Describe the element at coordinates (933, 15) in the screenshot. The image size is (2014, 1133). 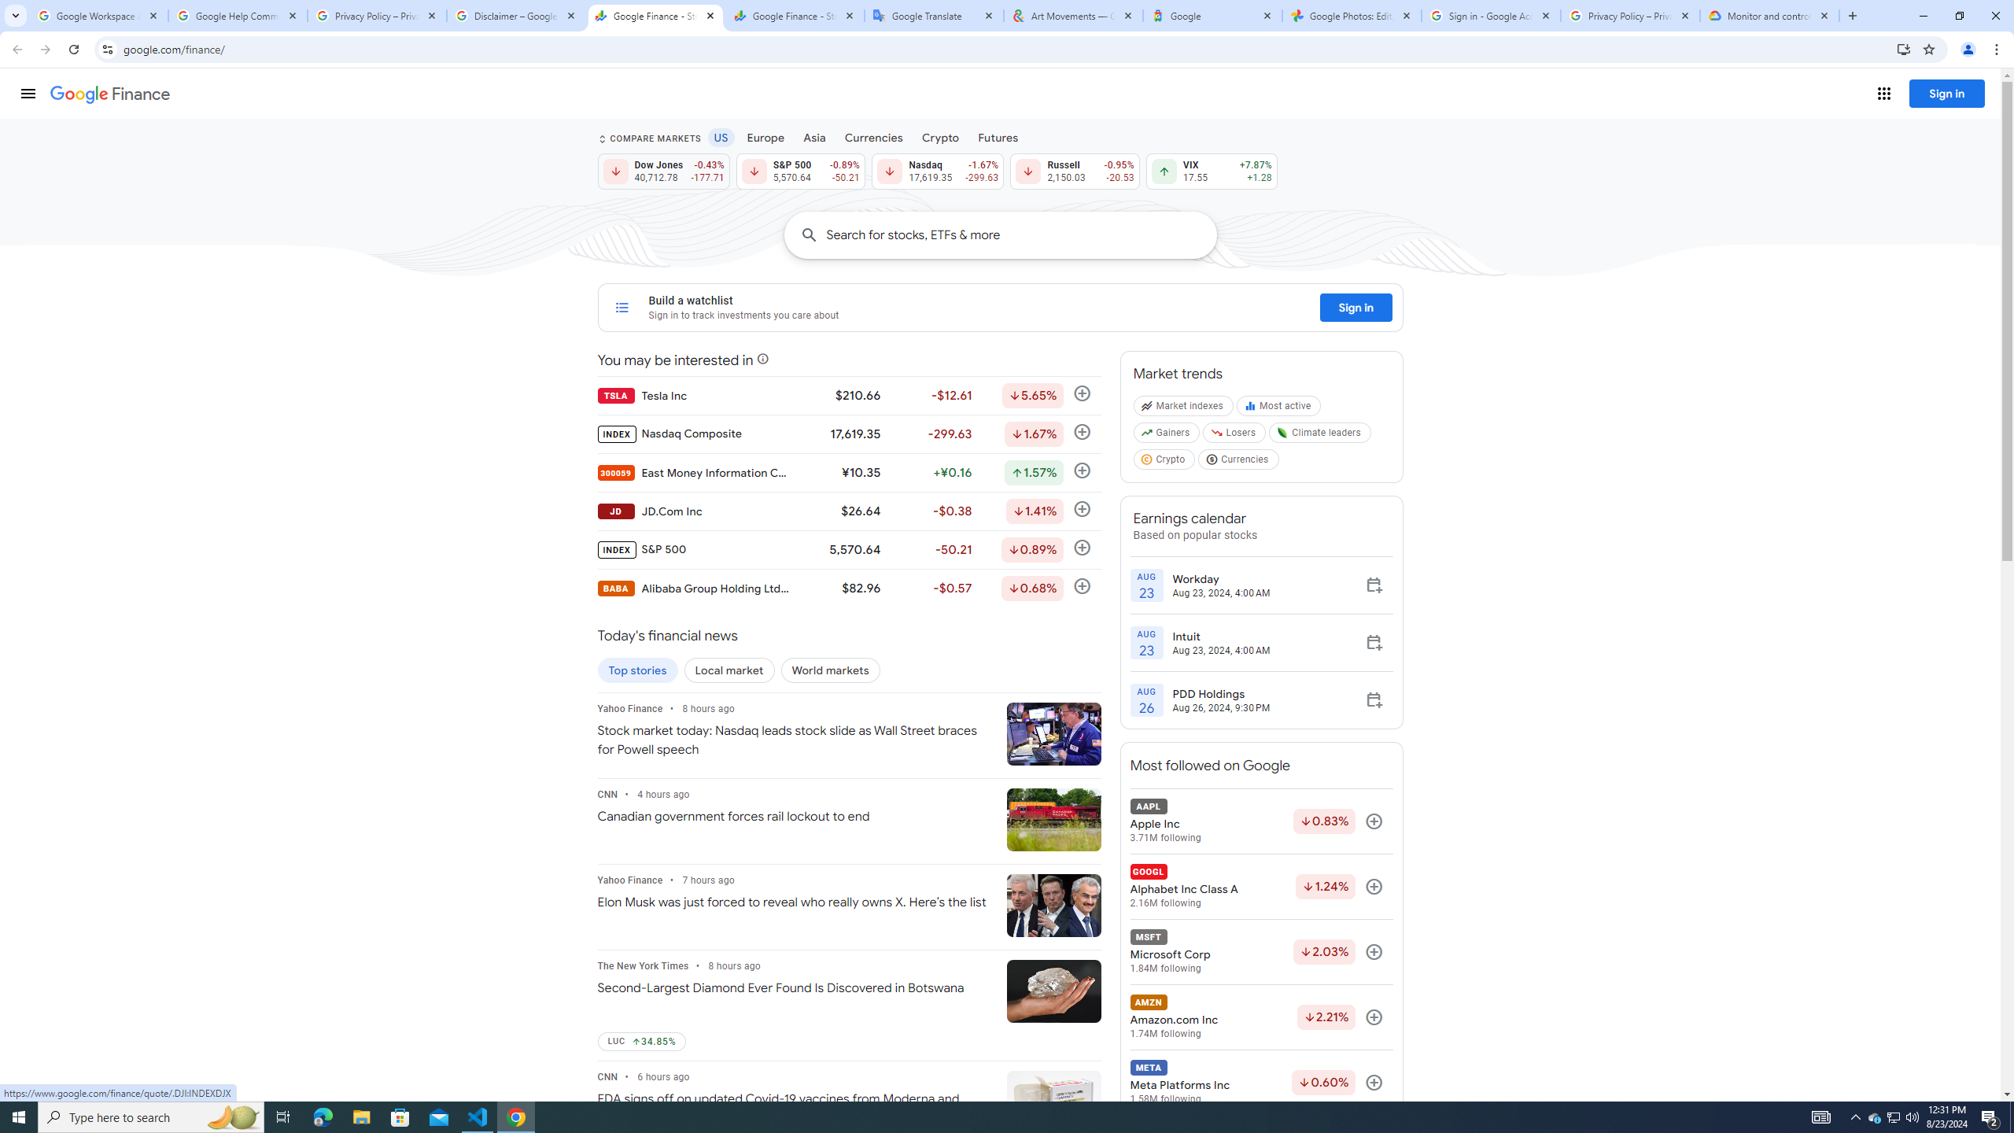
I see `'Google Translate'` at that location.